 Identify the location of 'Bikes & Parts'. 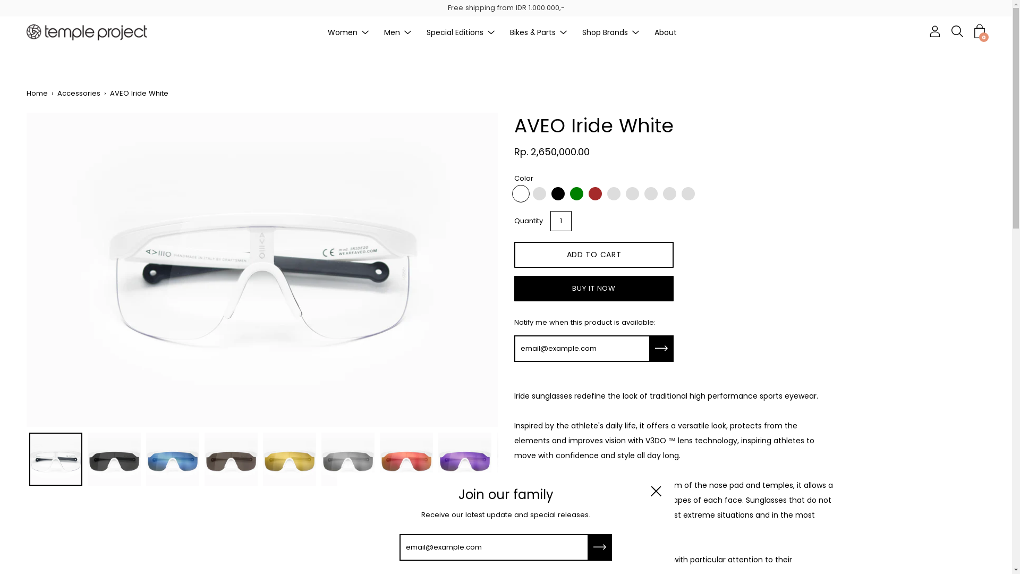
(533, 32).